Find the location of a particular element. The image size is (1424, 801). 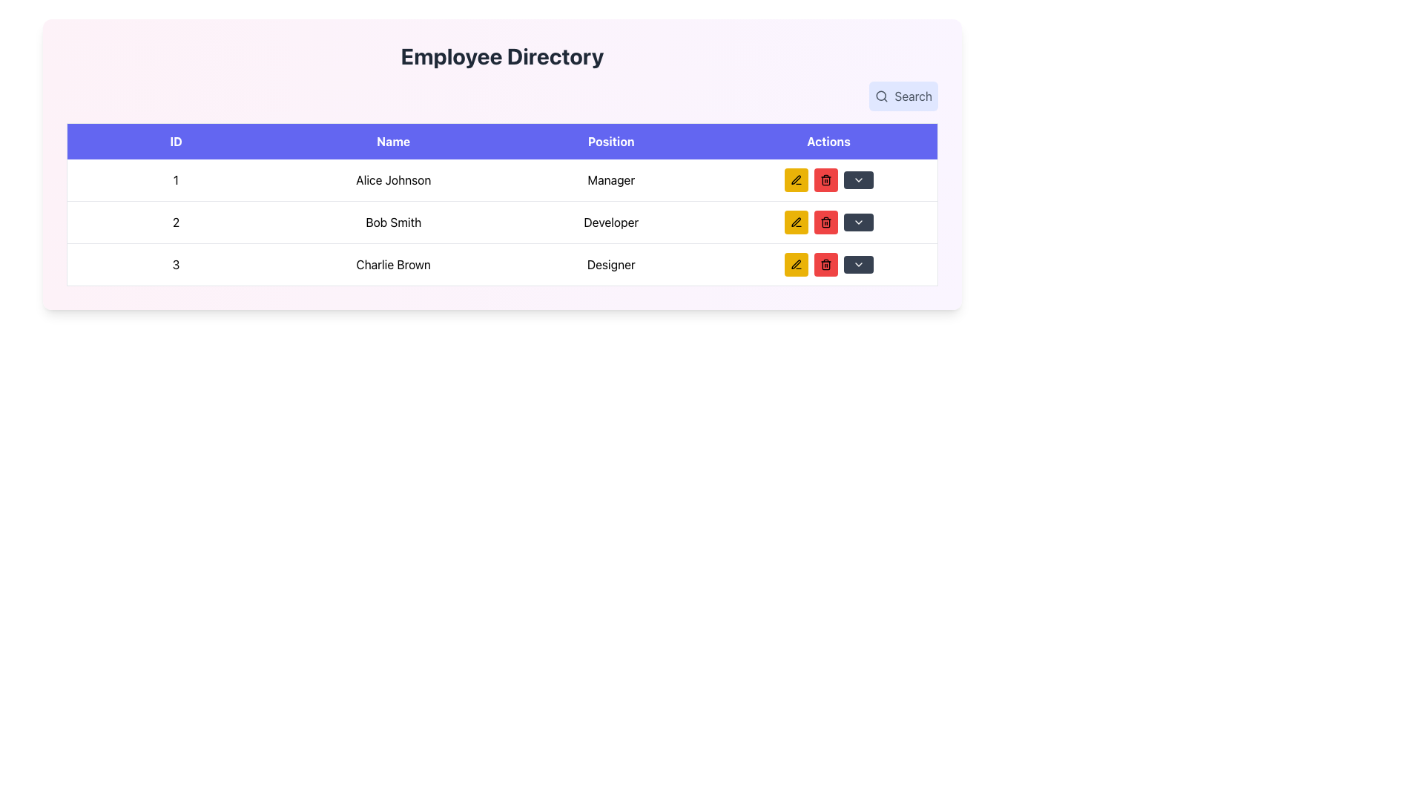

the 'Edit' icon located inside the yellow square button in the Actions column of the second row of the employee directory table for developer 'Bob Smith' is located at coordinates (795, 222).